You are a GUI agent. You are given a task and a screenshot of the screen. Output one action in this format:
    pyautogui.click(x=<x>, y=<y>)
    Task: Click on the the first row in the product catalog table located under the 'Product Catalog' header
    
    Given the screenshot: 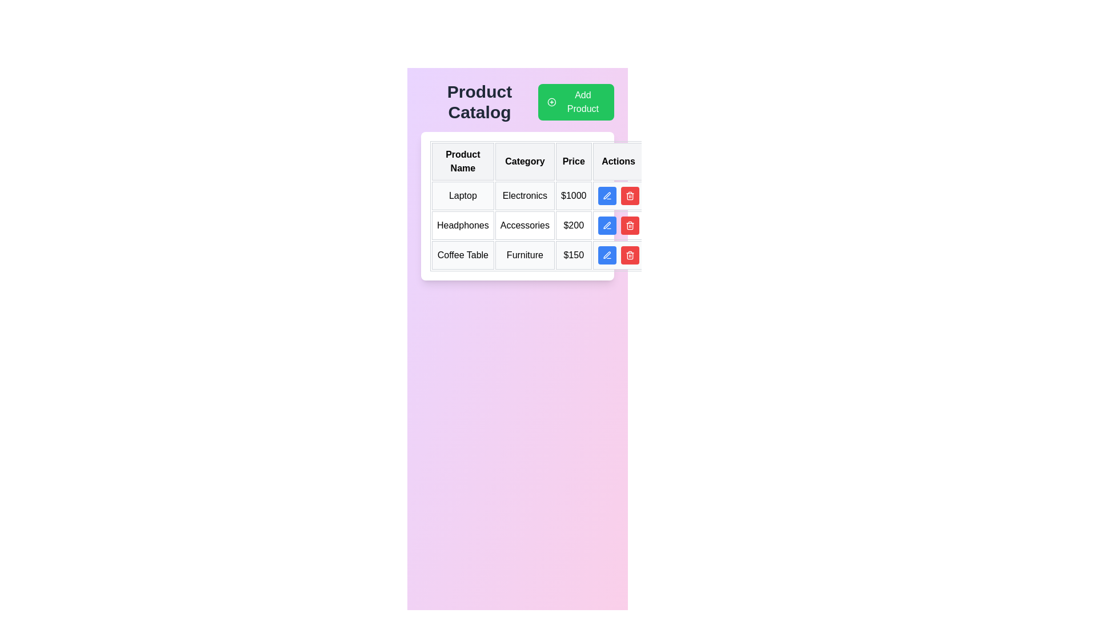 What is the action you would take?
    pyautogui.click(x=537, y=195)
    